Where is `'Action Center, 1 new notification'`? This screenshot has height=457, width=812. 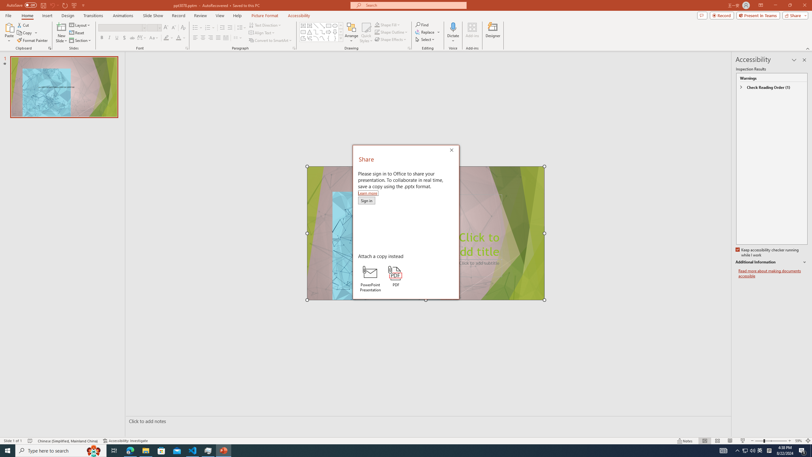
'Action Center, 1 new notification' is located at coordinates (802, 450).